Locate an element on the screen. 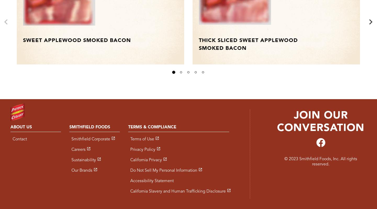  'Careers' is located at coordinates (71, 149).